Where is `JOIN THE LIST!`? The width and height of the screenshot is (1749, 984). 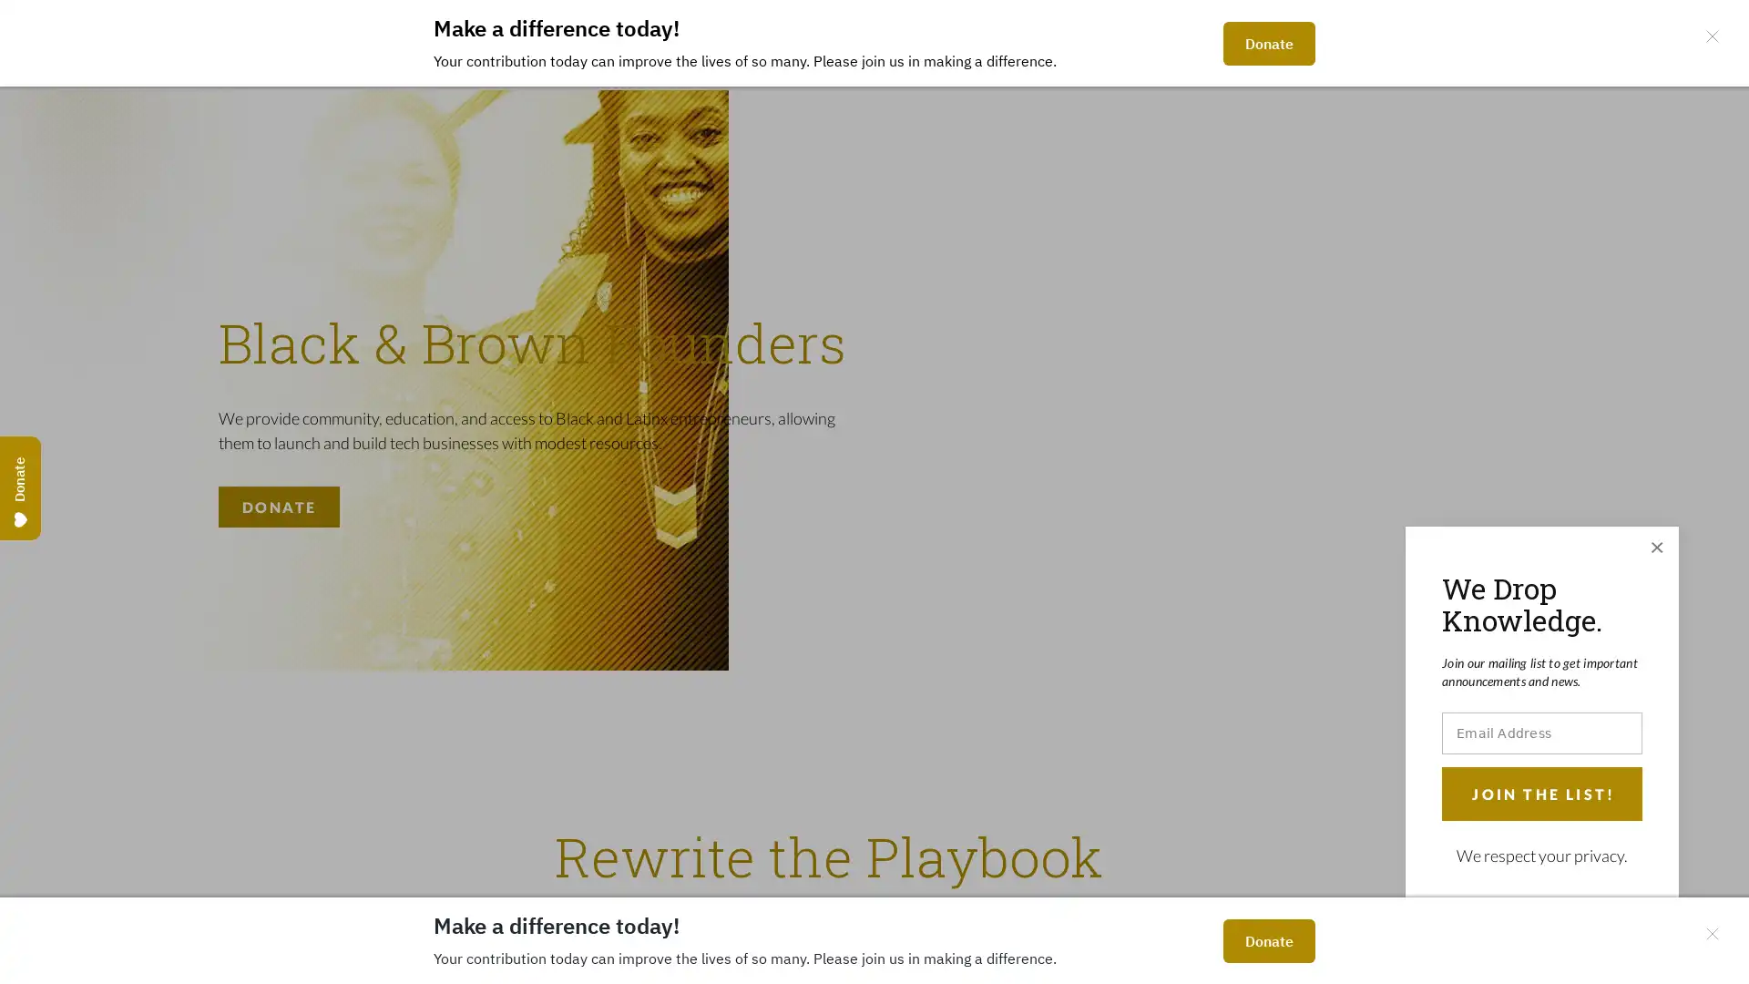 JOIN THE LIST! is located at coordinates (1541, 793).